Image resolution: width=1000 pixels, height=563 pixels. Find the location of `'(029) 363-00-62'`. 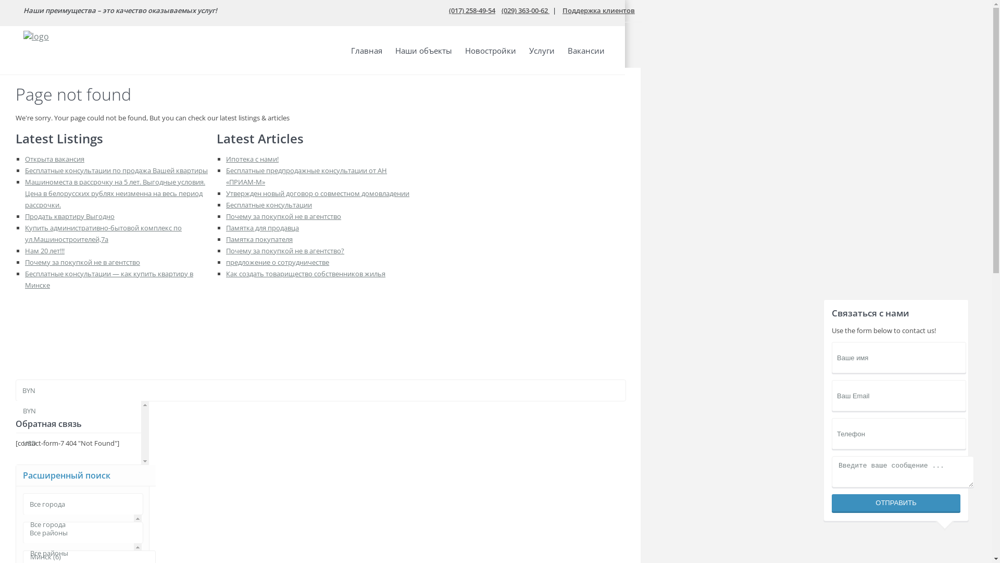

'(029) 363-00-62' is located at coordinates (525, 10).